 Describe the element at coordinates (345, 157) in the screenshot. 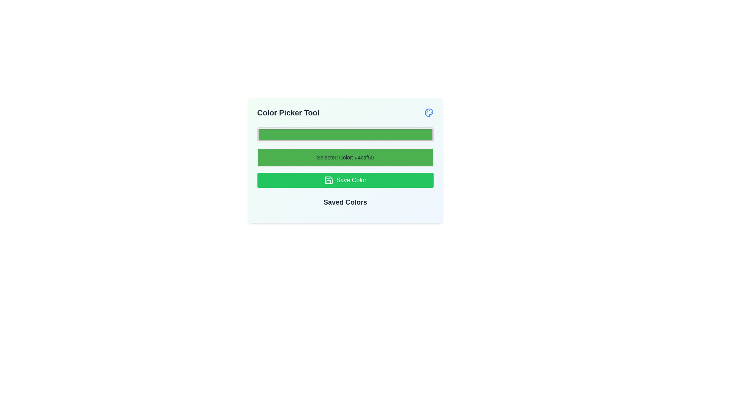

I see `the Static Display Box that visually represents the currently chosen color, located below the color input field and above the 'Save Color' button` at that location.